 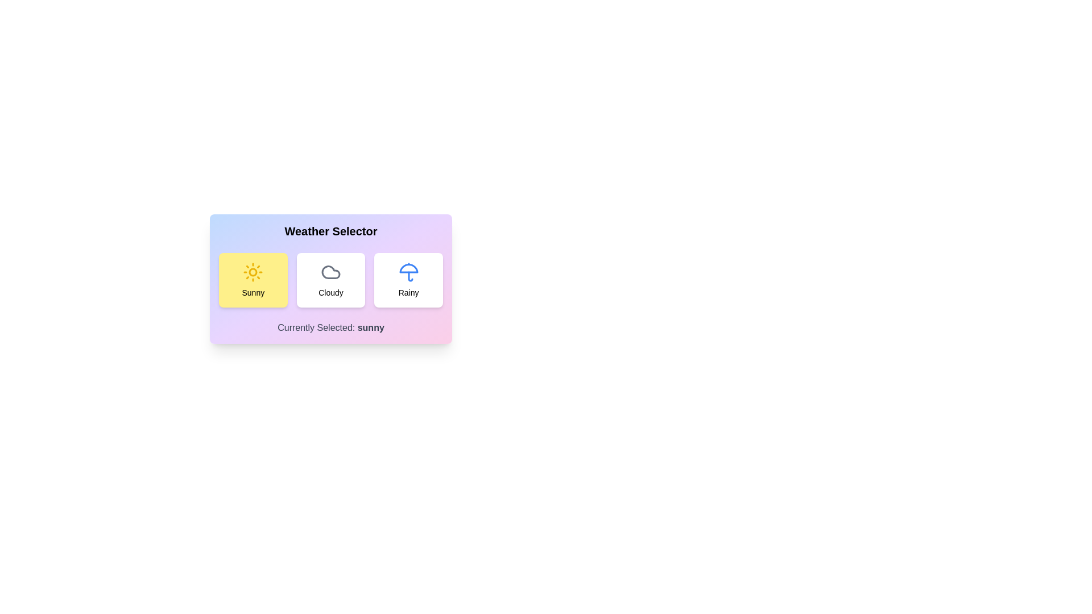 What do you see at coordinates (408, 280) in the screenshot?
I see `the weather option Rainy by clicking its corresponding button` at bounding box center [408, 280].